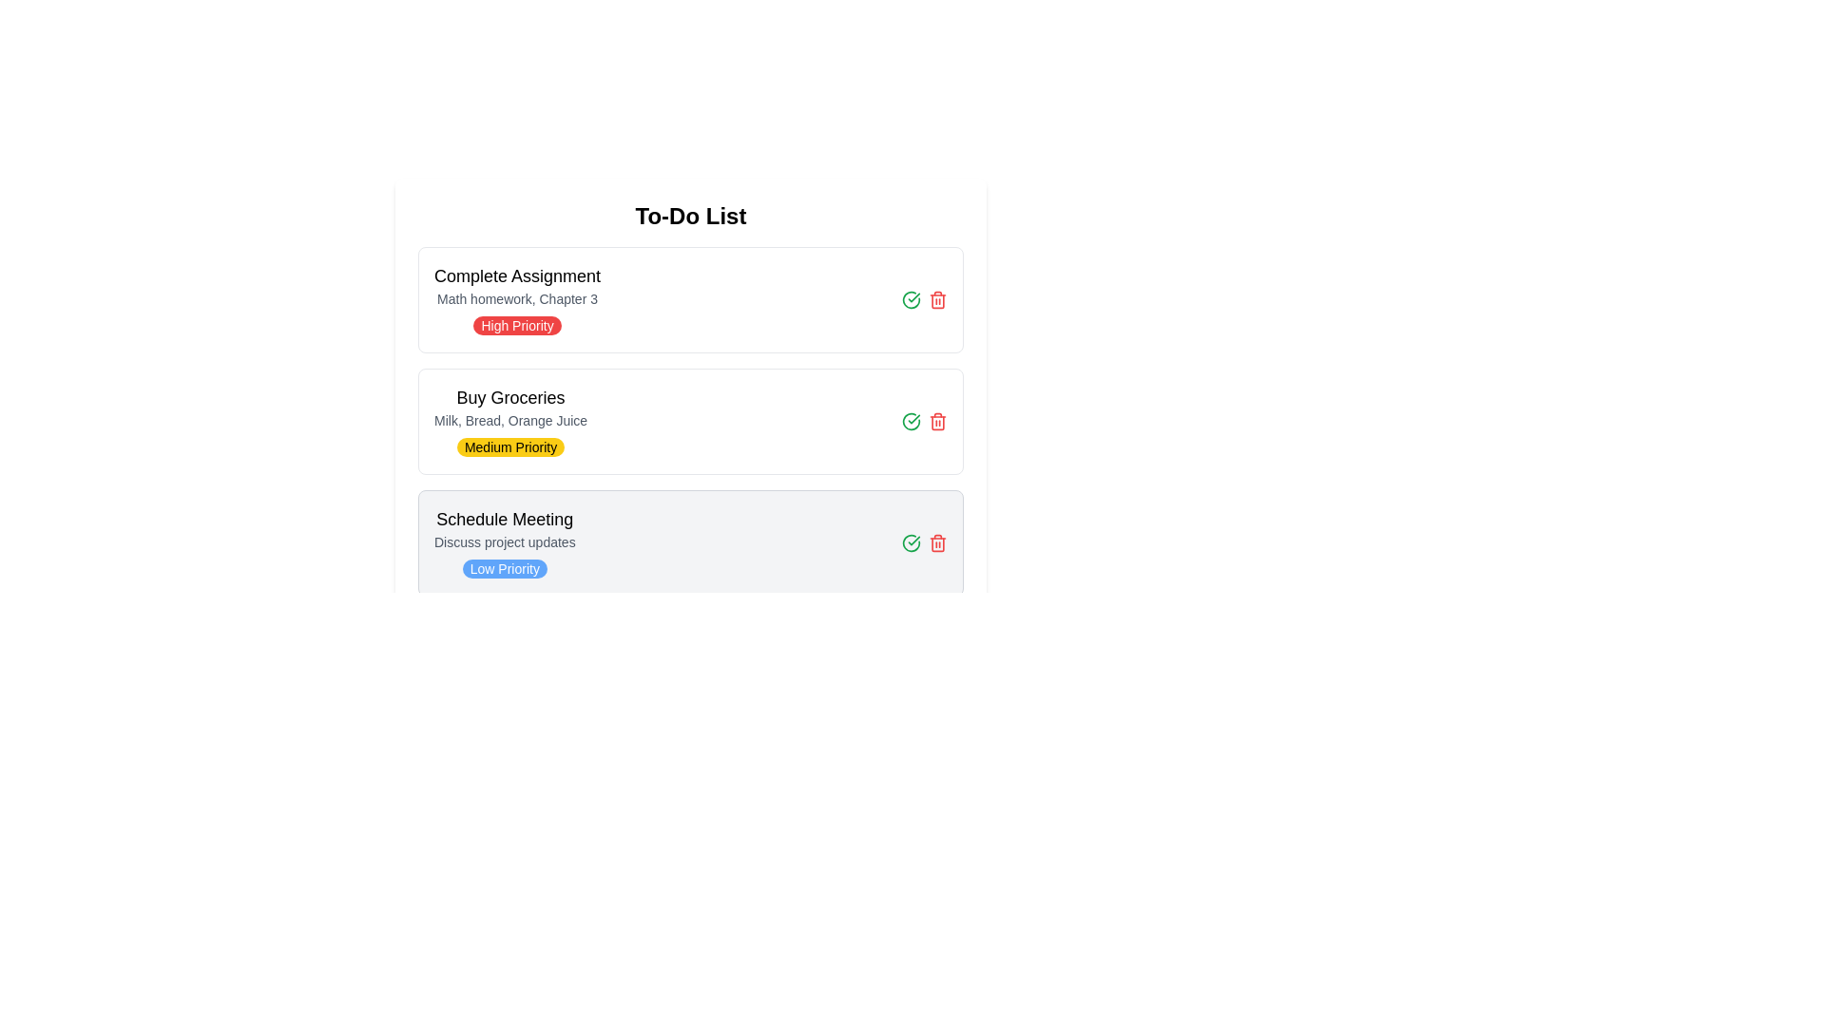  I want to click on the icon group containing action buttons for the 'Buy Groceries' to-do item, so click(925, 420).